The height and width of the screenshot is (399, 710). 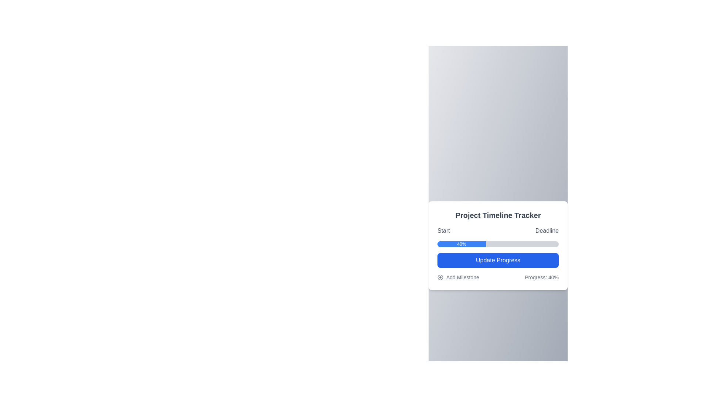 I want to click on the 'Progress: 40%' text displayed in the label and link combination with an icon, located near the bottom of the 'Project Timeline Tracker' card component, directly below the 'Update Progress' button, so click(x=498, y=277).